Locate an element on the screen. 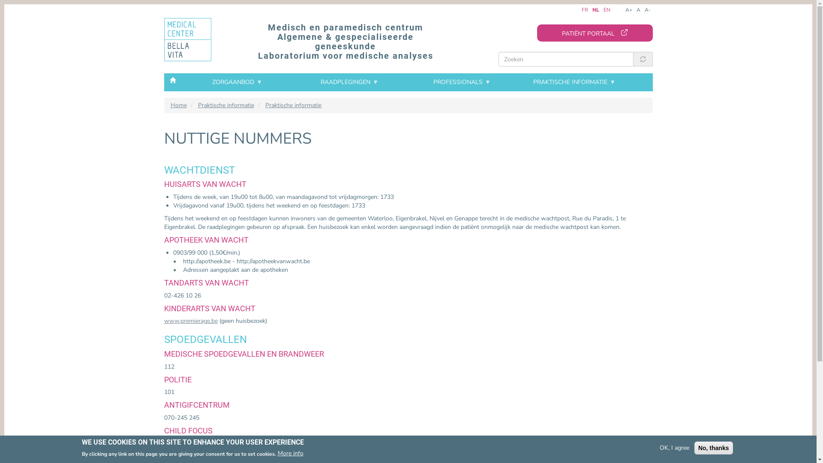  'Home' is located at coordinates (178, 105).